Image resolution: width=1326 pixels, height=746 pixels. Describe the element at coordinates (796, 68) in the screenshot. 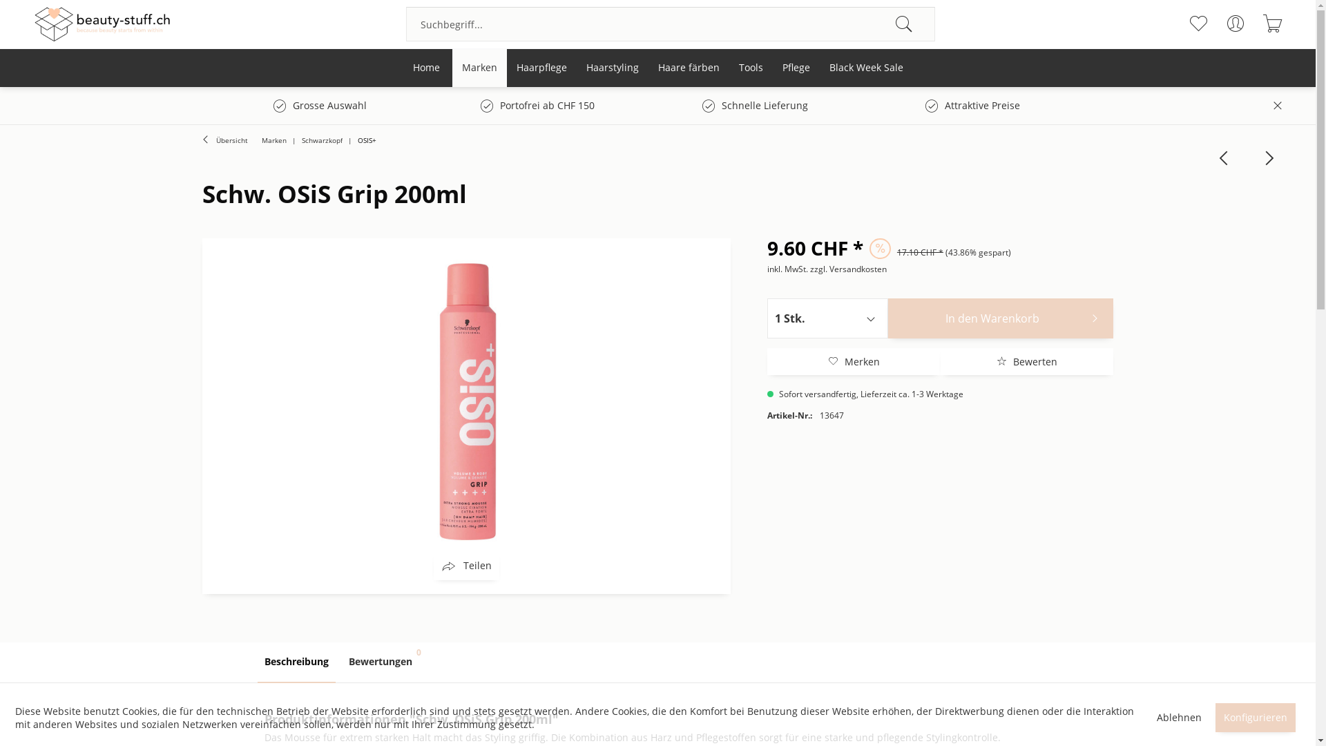

I see `'Pflege'` at that location.